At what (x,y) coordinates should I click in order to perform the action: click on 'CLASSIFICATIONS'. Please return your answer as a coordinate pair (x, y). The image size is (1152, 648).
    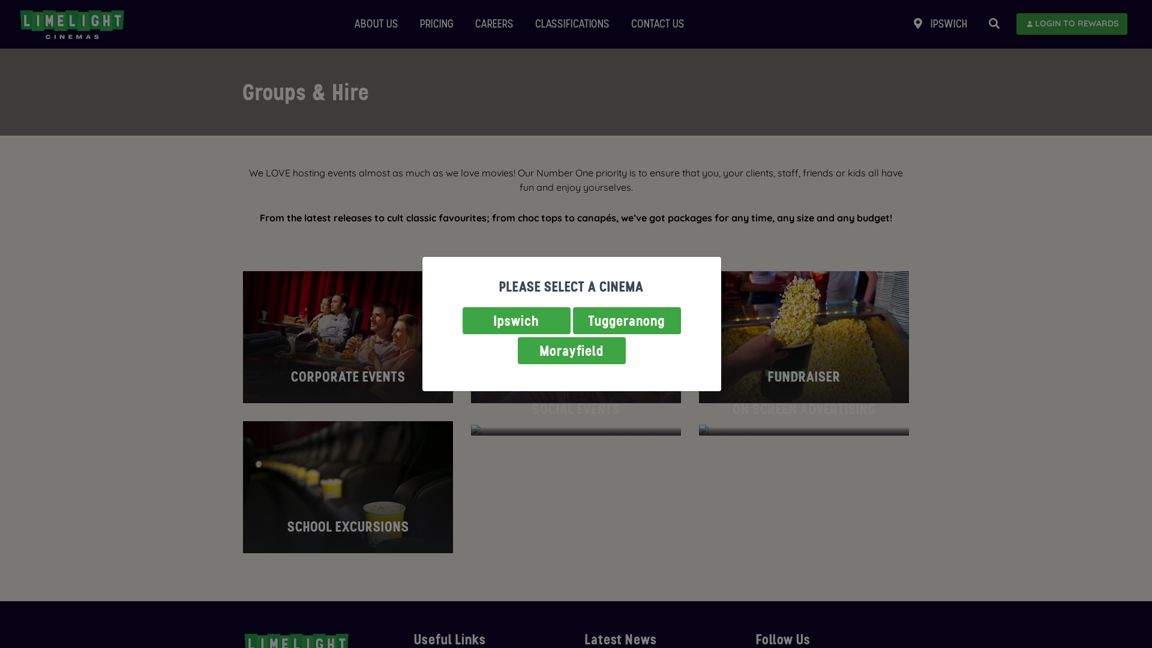
    Looking at the image, I should click on (529, 24).